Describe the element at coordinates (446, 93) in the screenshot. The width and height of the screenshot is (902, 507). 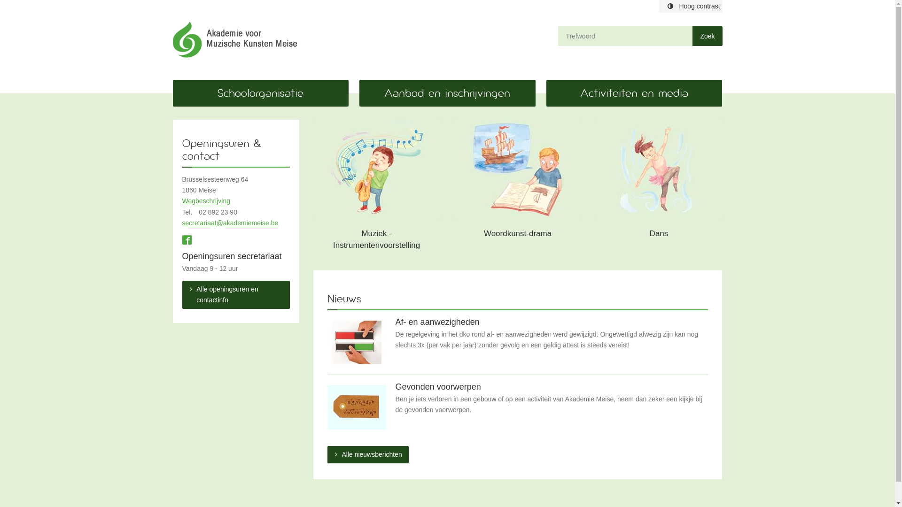
I see `'Aanbod en inschrijvingen'` at that location.